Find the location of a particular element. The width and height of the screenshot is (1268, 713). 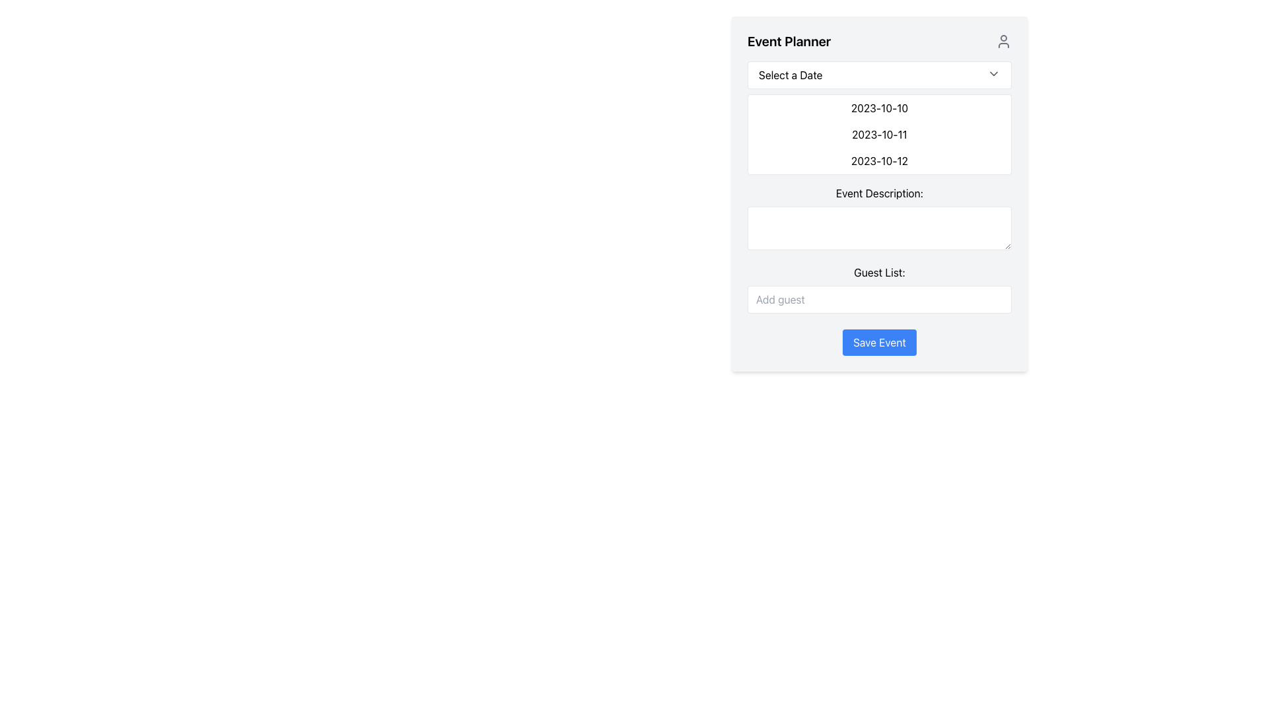

the save button located at the bottom of the event planner interface, just below the 'Guest List' section is located at coordinates (879, 342).